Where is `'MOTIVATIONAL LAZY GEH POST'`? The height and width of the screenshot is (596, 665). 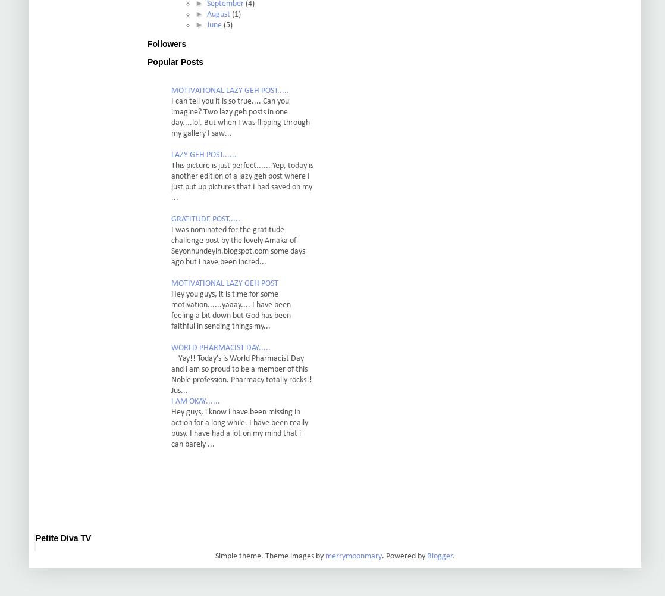
'MOTIVATIONAL LAZY GEH POST' is located at coordinates (170, 283).